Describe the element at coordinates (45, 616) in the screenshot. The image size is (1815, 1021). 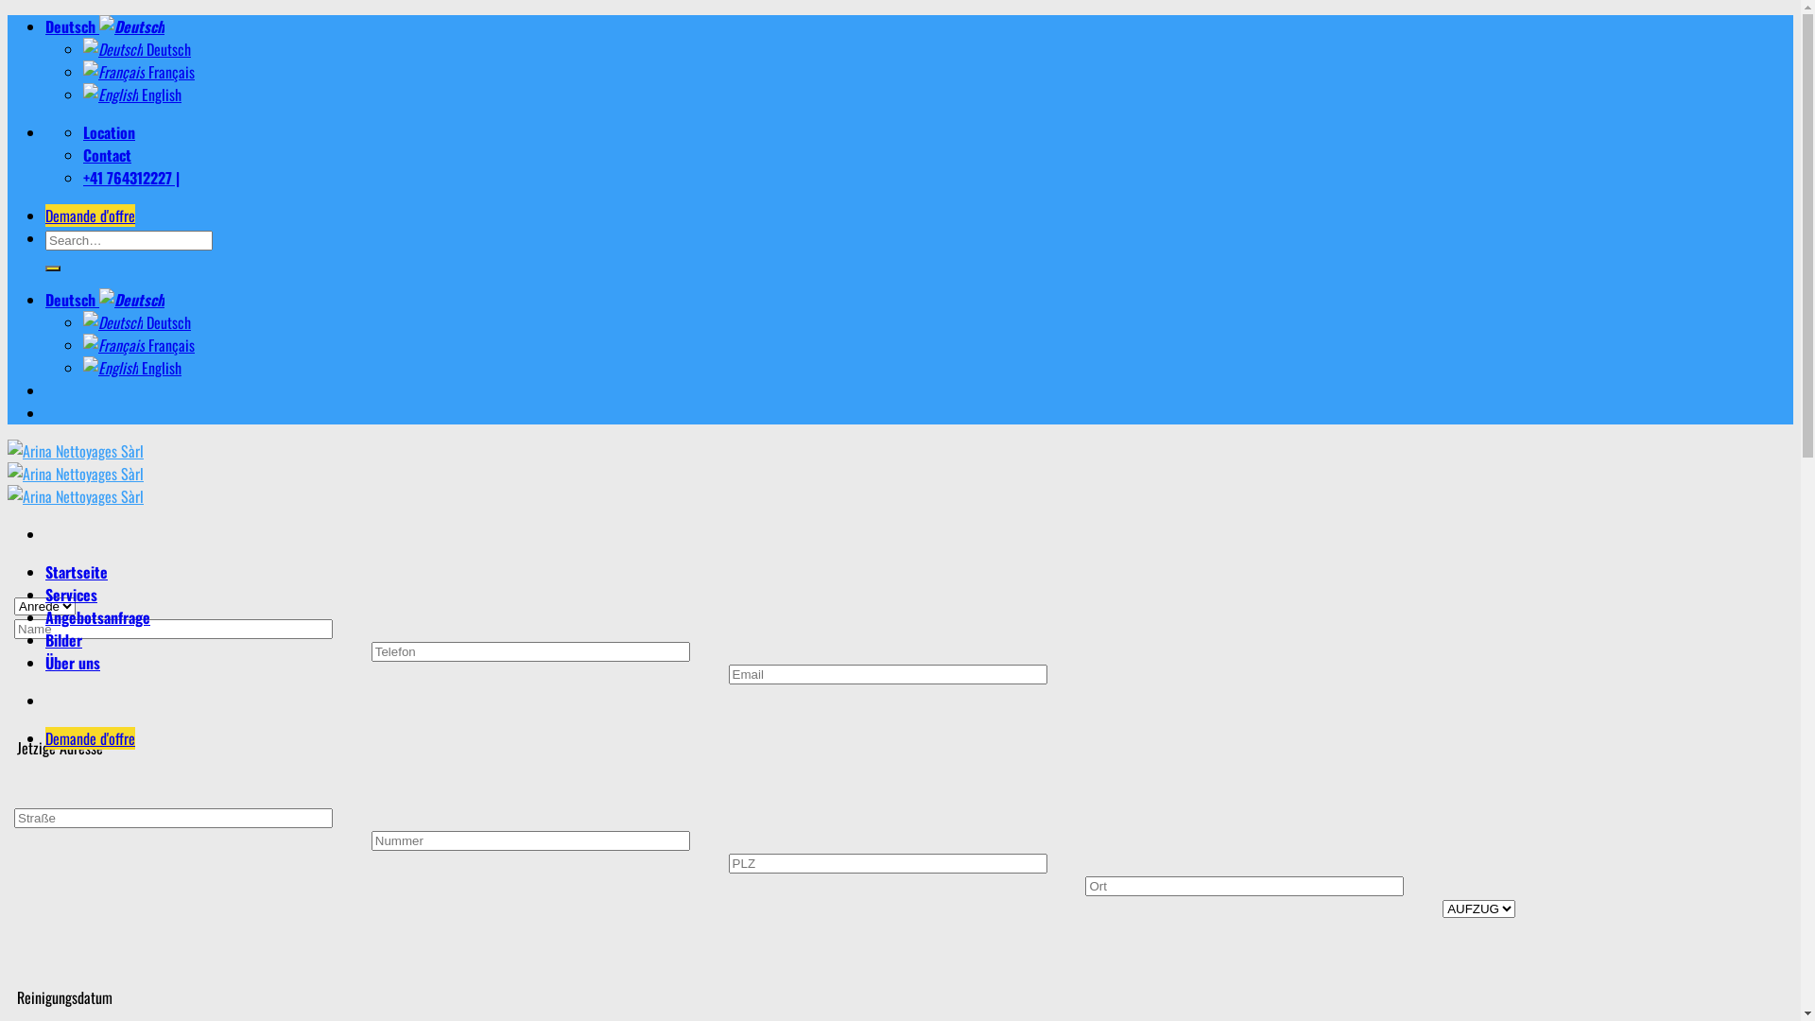
I see `'Angebotsanfrage'` at that location.